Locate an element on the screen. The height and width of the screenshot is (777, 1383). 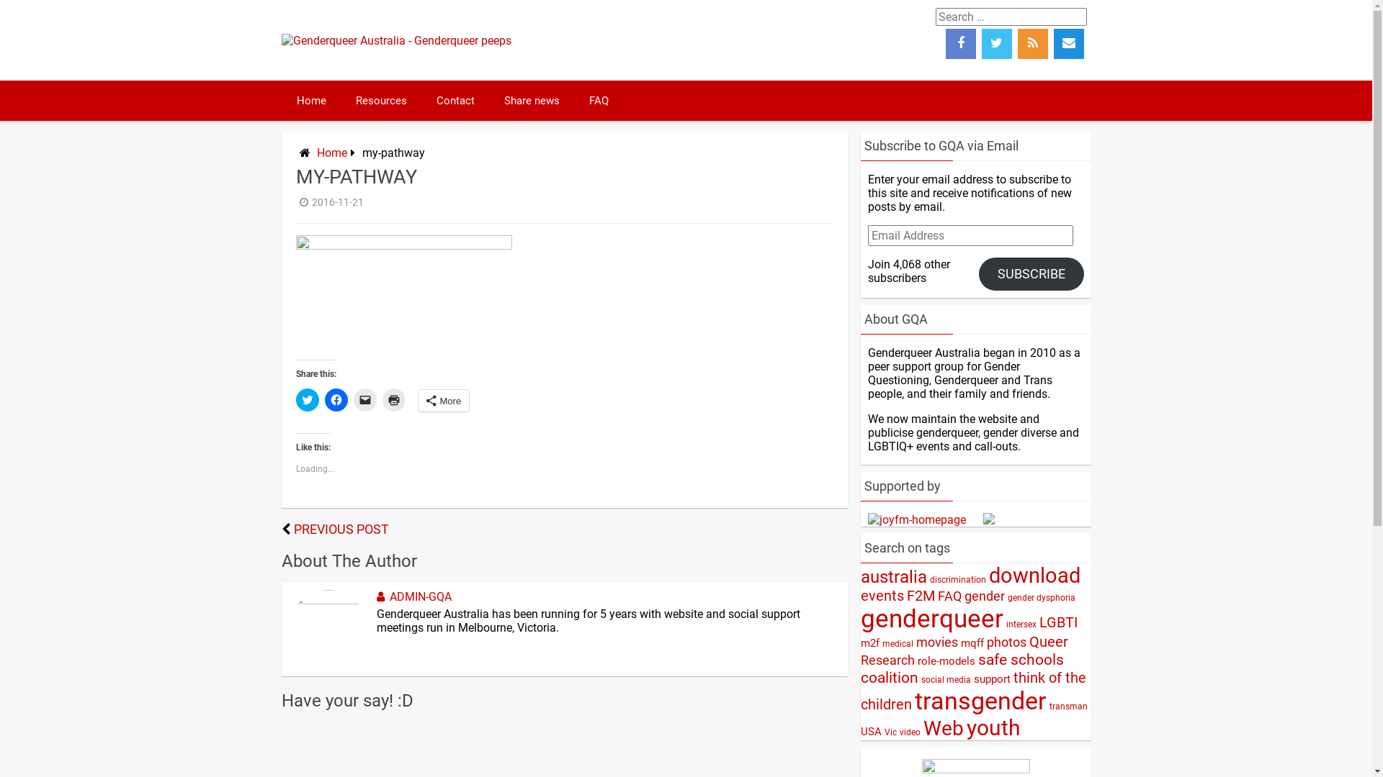
'Home' is located at coordinates (310, 99).